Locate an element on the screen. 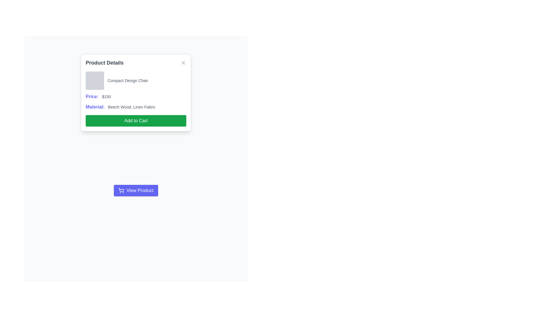 The height and width of the screenshot is (310, 552). the non-interactive text label displaying product material information located to the right of the 'Material:' field is located at coordinates (131, 107).